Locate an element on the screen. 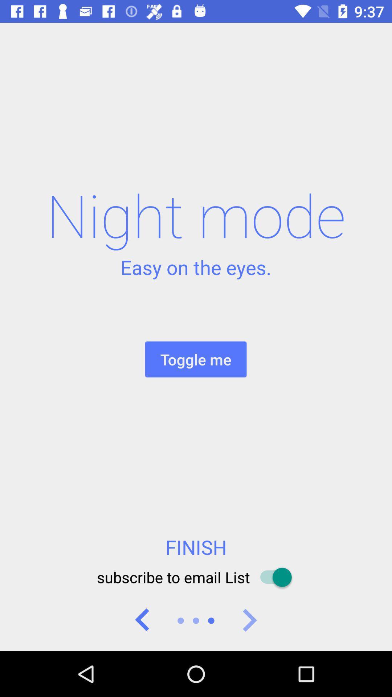  the icon below the finish icon is located at coordinates (196, 577).